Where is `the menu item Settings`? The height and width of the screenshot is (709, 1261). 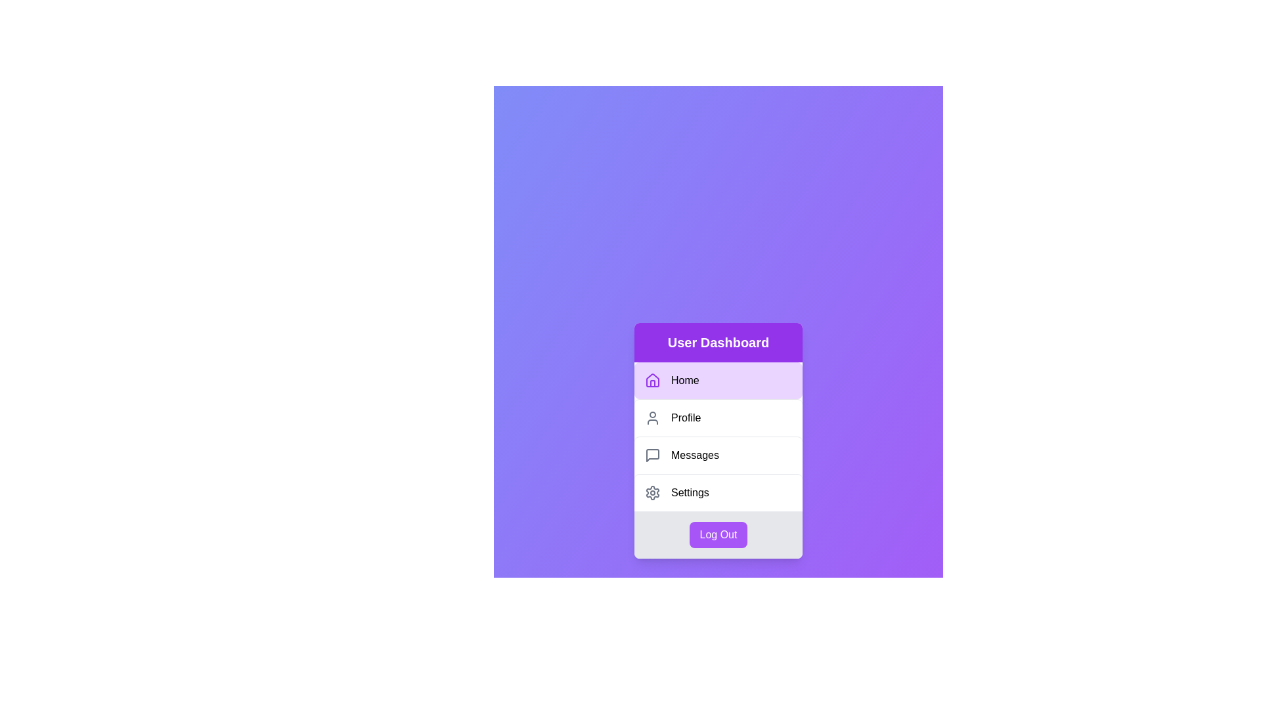
the menu item Settings is located at coordinates (718, 492).